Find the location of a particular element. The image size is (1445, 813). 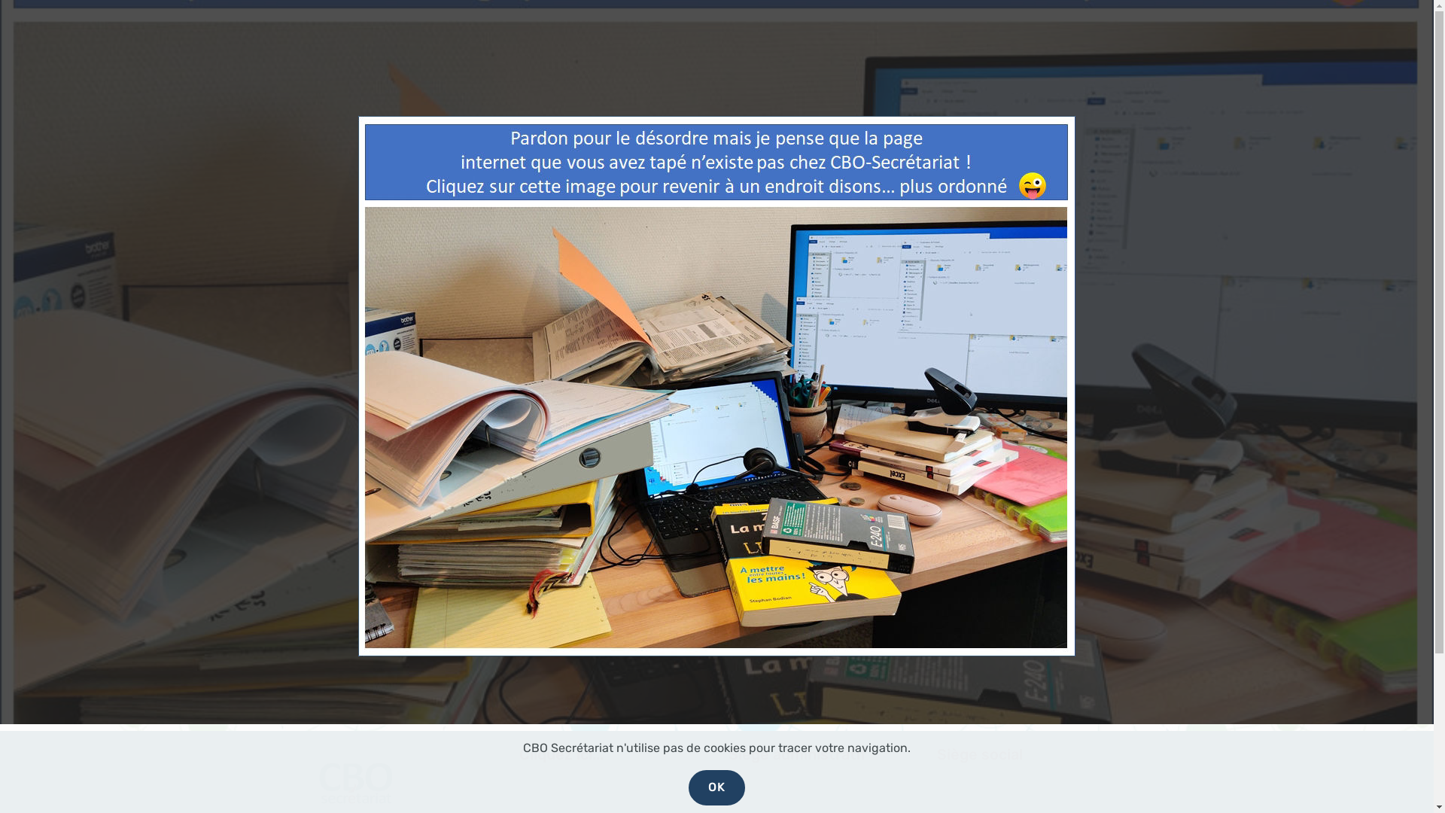

'OK' is located at coordinates (688, 787).